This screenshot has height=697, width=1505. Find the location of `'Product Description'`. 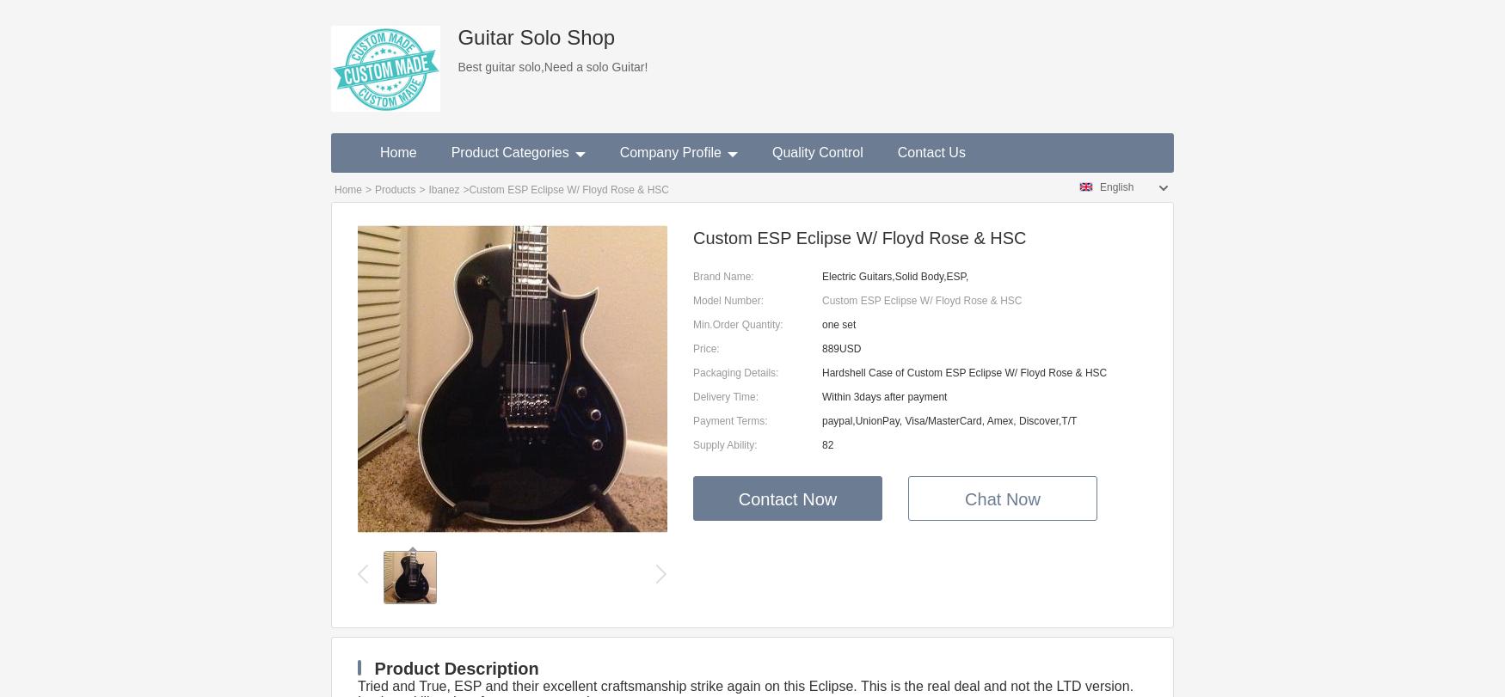

'Product Description' is located at coordinates (452, 667).